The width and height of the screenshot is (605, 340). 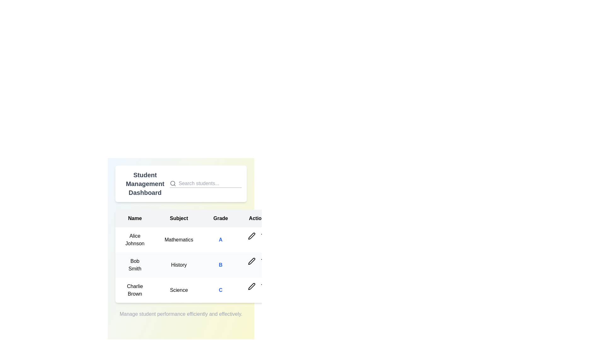 I want to click on the editable pencil icon in the Action control group for the student 'Alice Johnson', so click(x=258, y=236).